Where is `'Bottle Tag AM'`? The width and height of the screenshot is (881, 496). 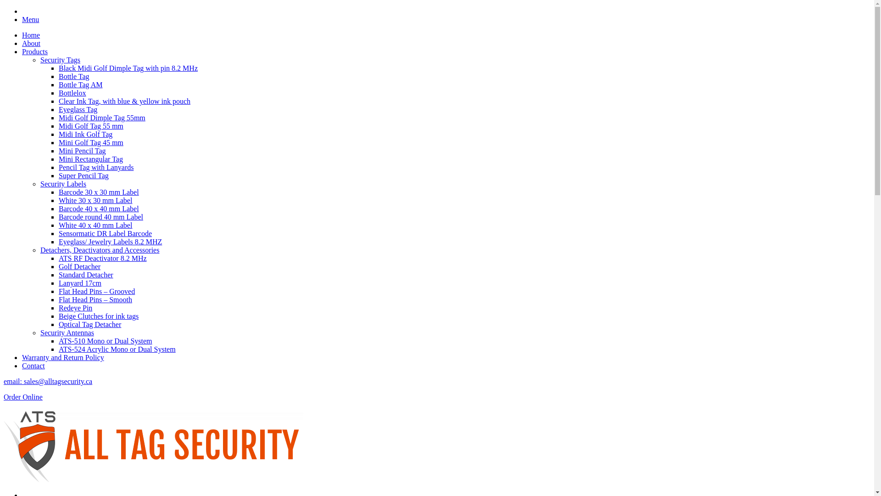 'Bottle Tag AM' is located at coordinates (80, 85).